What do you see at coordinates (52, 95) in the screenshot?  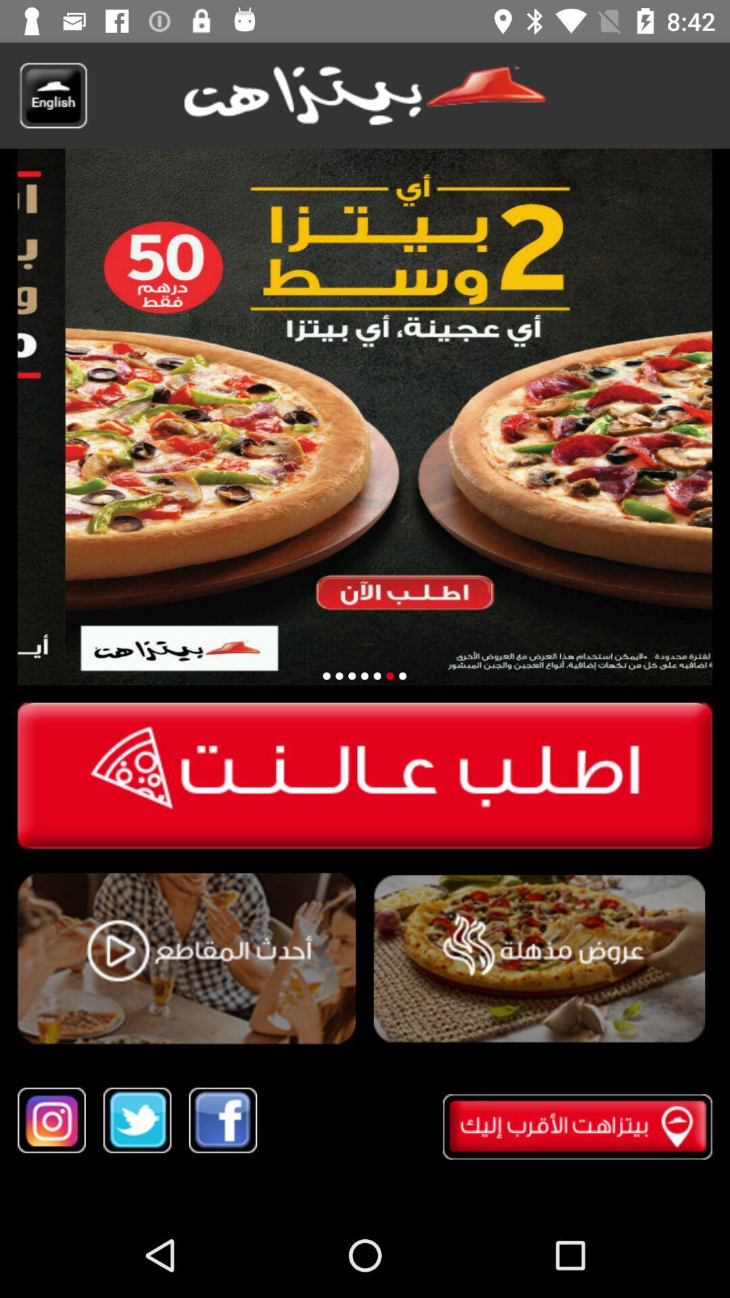 I see `to translate english` at bounding box center [52, 95].